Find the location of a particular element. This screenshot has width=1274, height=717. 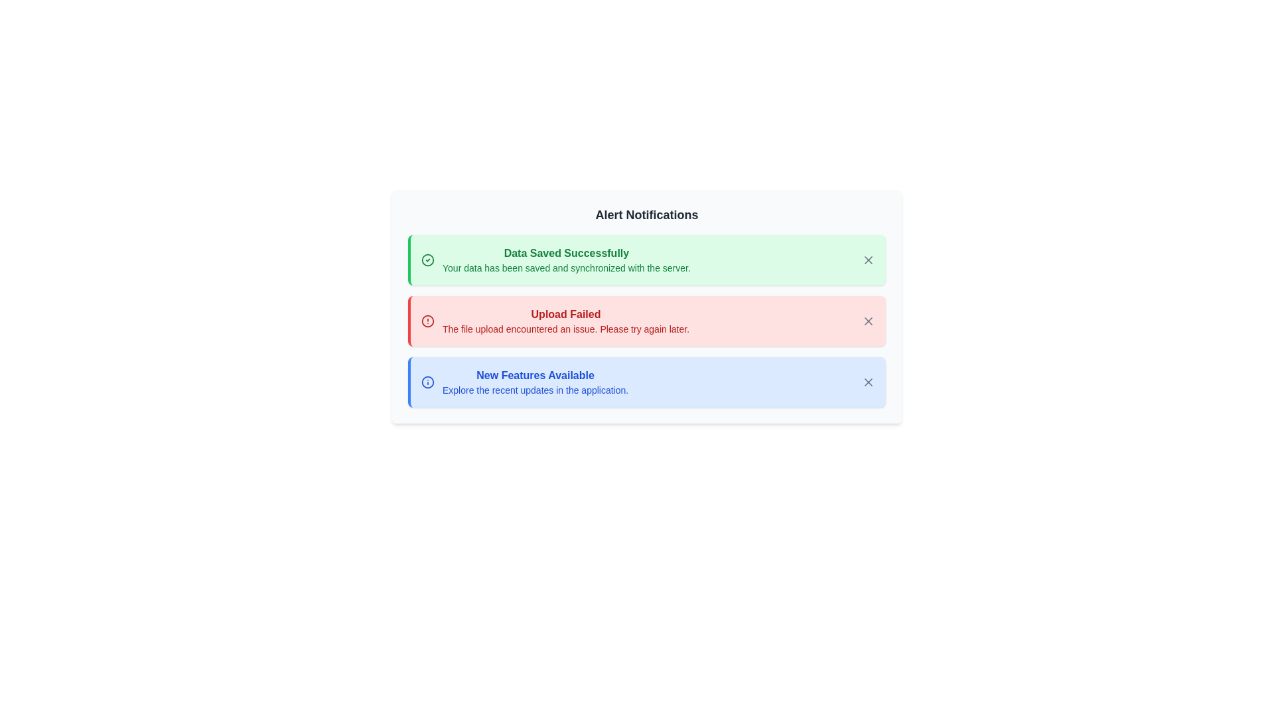

close button for the alert titled 'Data Saved Successfully' is located at coordinates (869, 260).